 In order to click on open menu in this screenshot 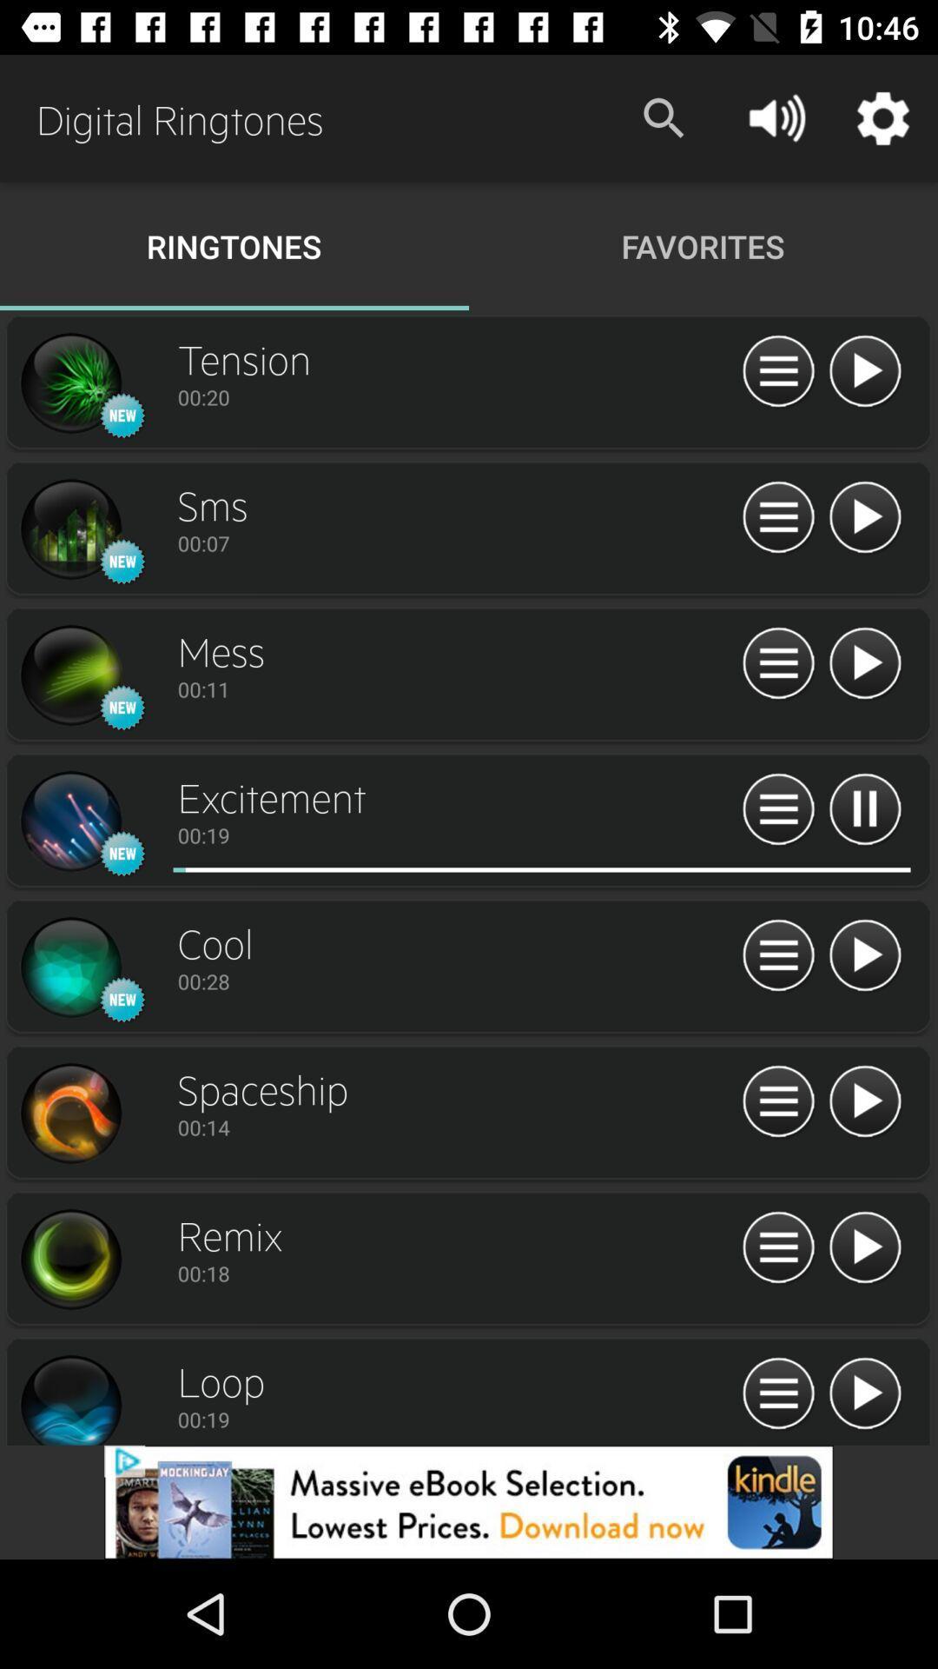, I will do `click(777, 809)`.